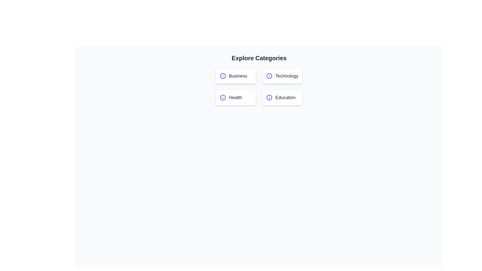 The width and height of the screenshot is (482, 271). I want to click on the informational label with a circular purple 'i' icon and the text 'Business' located in the first item of the grid layout under 'Explore Categories', so click(235, 76).